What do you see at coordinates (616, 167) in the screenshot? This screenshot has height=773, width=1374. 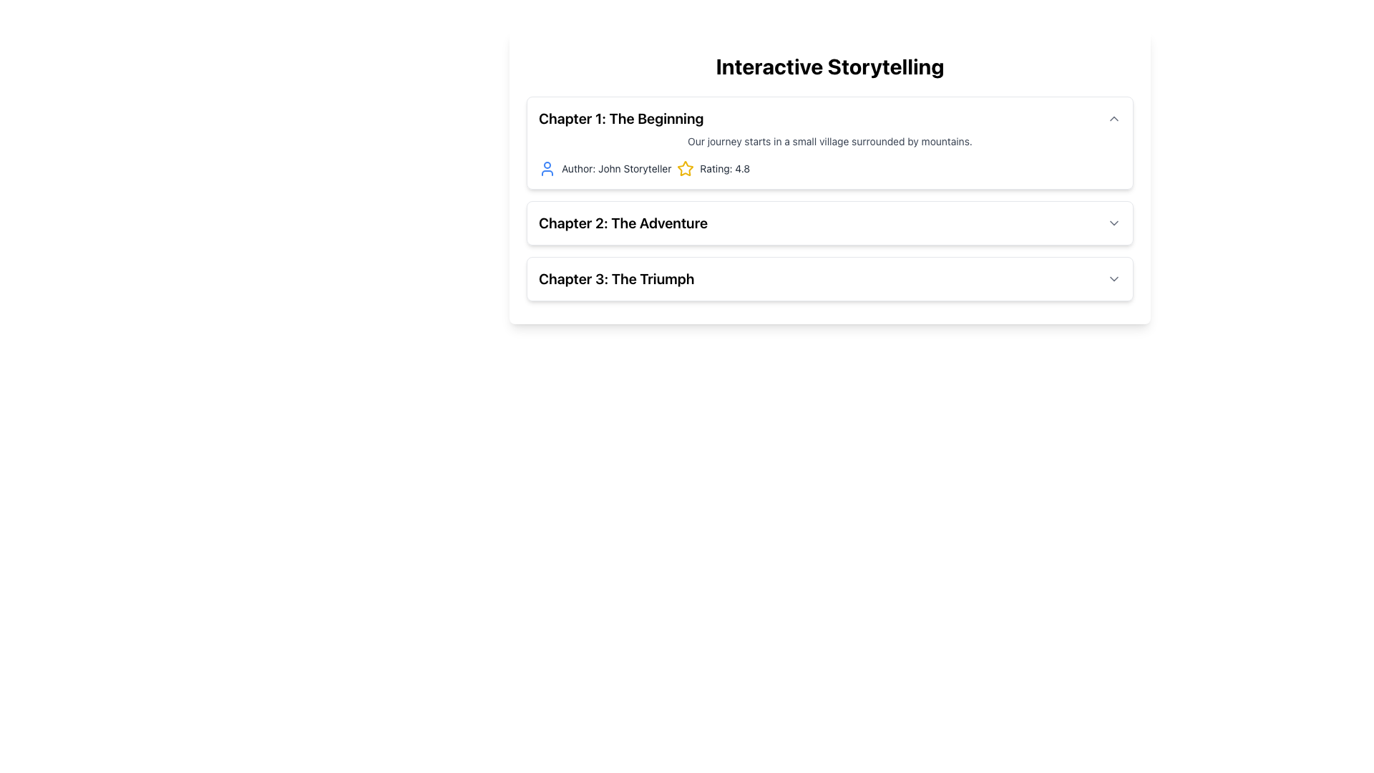 I see `text label that displays information about the author associated with 'Chapter 1: The Beginning', which is located to the right of the user icon and to the left of the star icon with a rating of '4.8'` at bounding box center [616, 167].